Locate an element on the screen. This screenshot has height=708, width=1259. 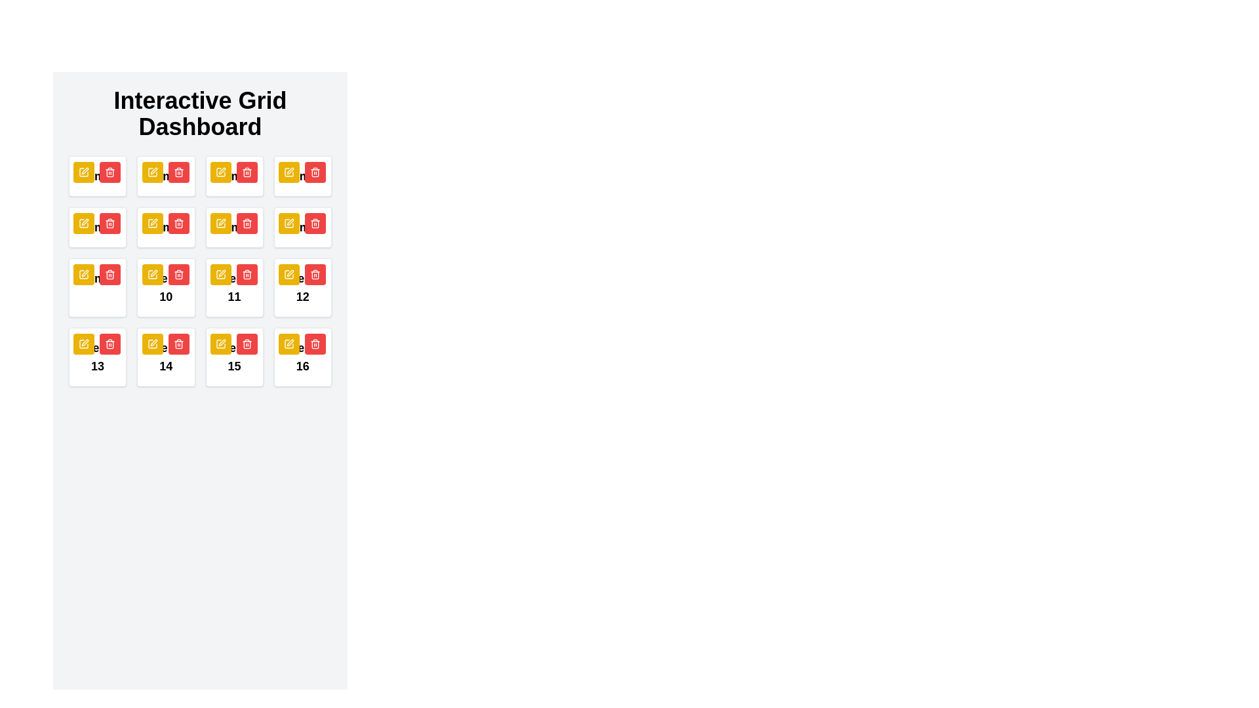
the red trash can icon, which is the second inner component of the SVG structure is located at coordinates (178, 344).